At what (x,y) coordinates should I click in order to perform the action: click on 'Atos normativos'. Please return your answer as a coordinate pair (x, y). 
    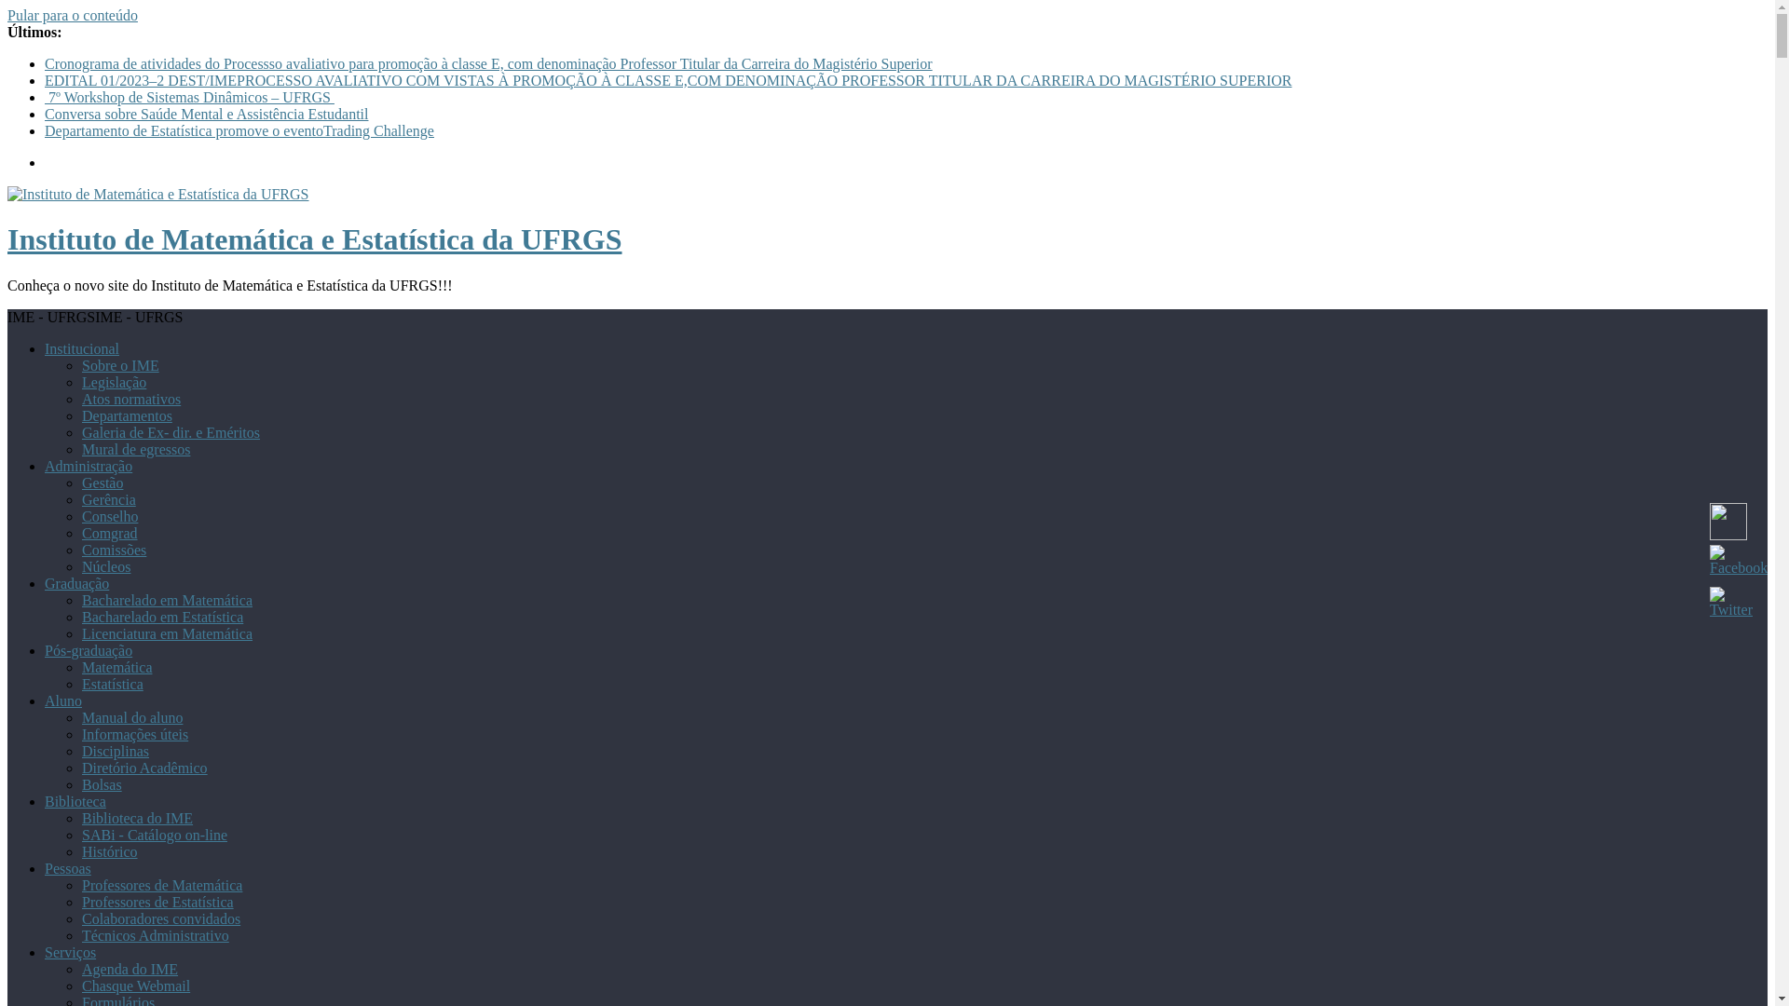
    Looking at the image, I should click on (130, 398).